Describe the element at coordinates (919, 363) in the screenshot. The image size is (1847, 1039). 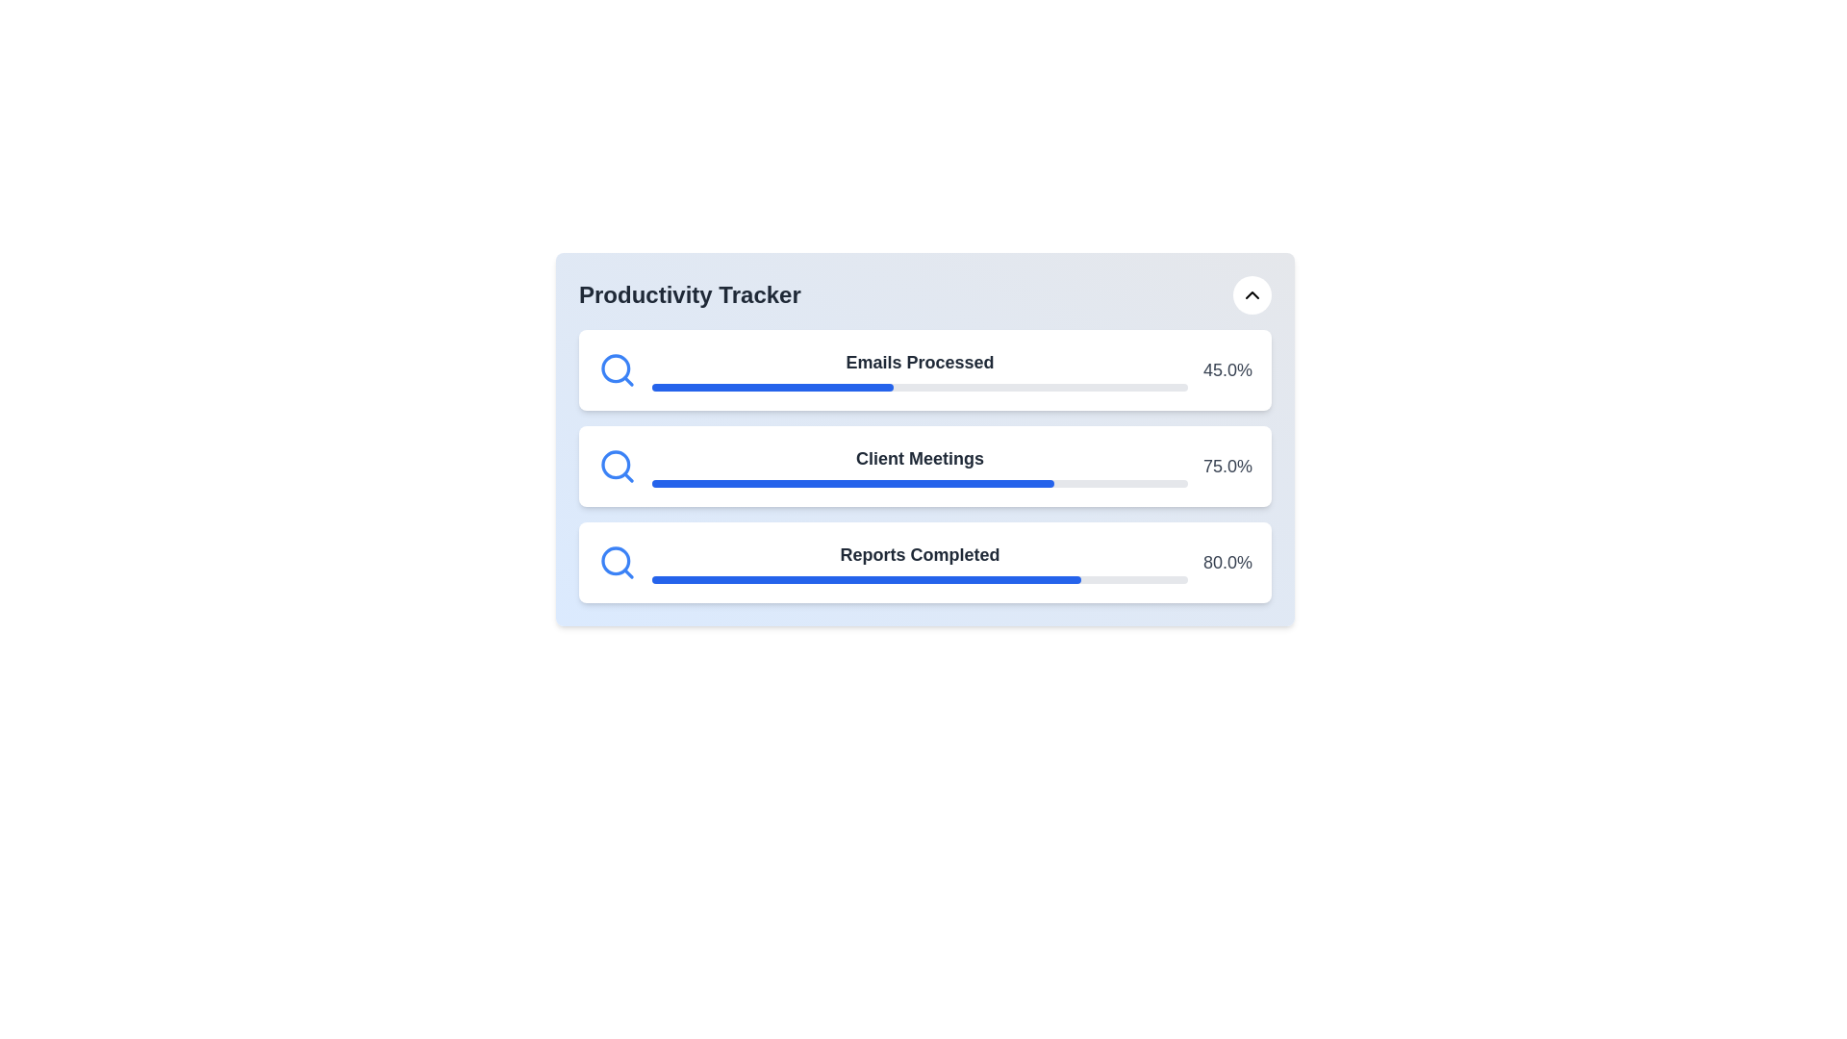
I see `the textual label 'Emails Processed' which indicates the metric being displayed above the progress bar and percentage value` at that location.